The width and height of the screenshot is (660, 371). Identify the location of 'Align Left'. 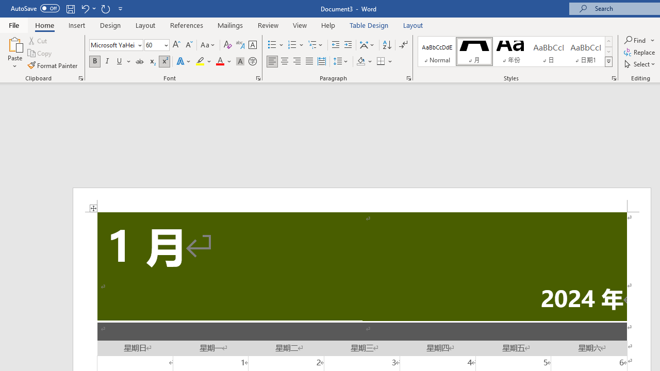
(272, 61).